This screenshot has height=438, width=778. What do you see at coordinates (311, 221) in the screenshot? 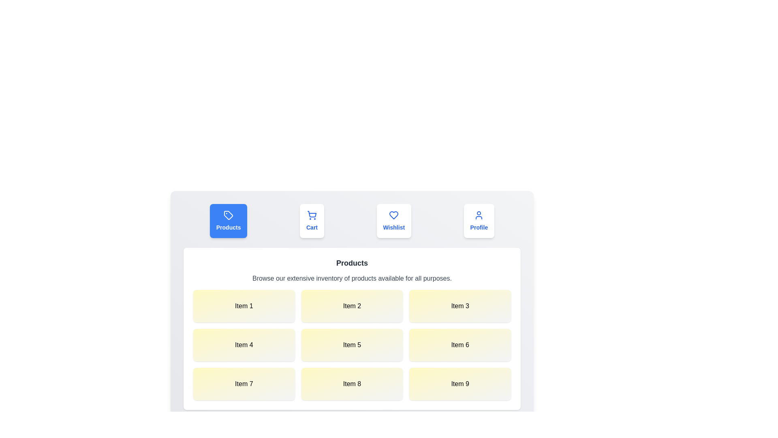
I see `the Cart tab to view its content` at bounding box center [311, 221].